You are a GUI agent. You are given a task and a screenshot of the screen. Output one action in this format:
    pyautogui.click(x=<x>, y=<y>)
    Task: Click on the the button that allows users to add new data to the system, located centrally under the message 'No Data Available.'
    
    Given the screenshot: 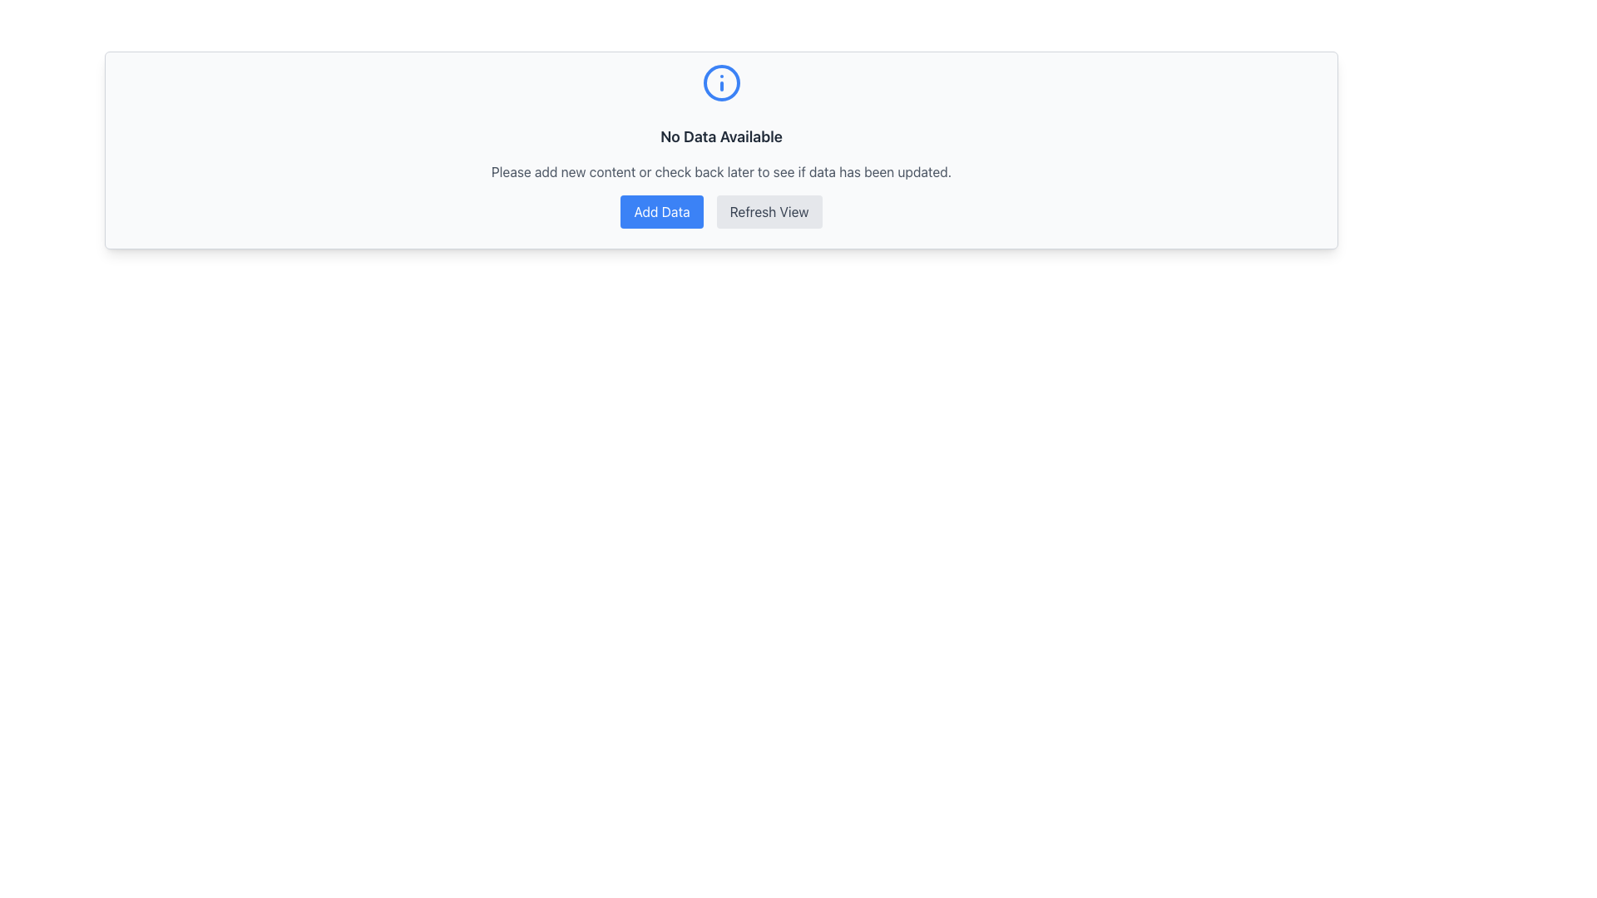 What is the action you would take?
    pyautogui.click(x=661, y=210)
    